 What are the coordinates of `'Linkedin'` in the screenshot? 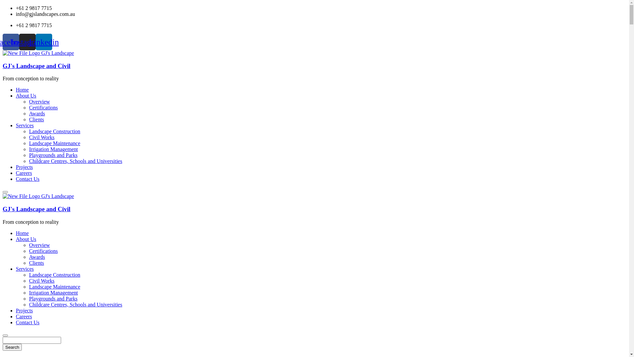 It's located at (44, 42).